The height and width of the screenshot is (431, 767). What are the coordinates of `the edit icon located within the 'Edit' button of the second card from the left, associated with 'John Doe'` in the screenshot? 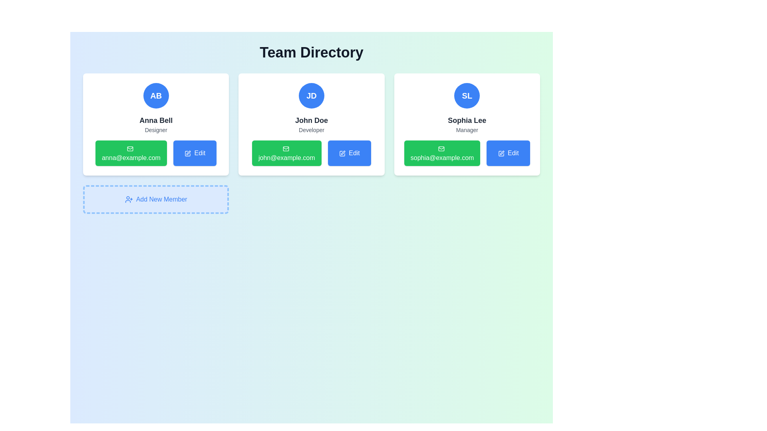 It's located at (342, 153).